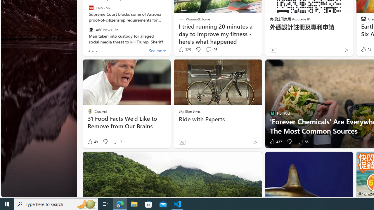  What do you see at coordinates (92, 51) in the screenshot?
I see `'tab-1'` at bounding box center [92, 51].